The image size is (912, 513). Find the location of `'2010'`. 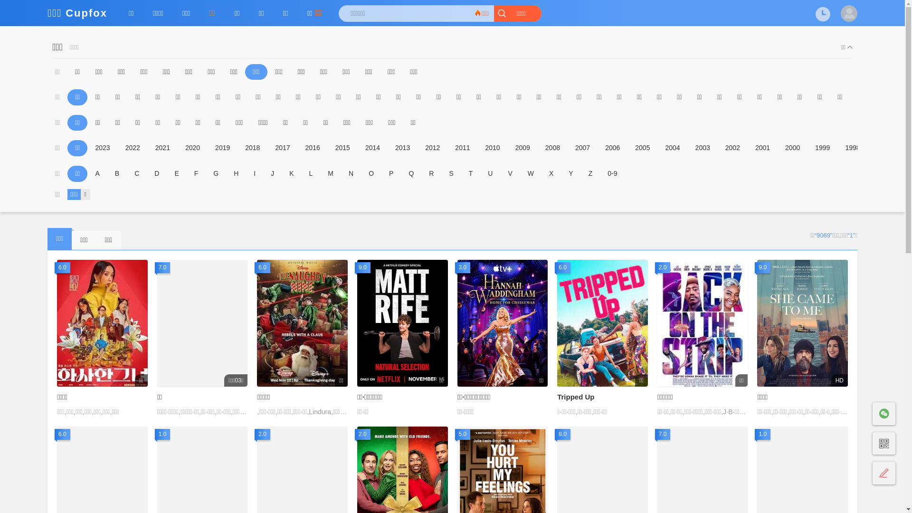

'2010' is located at coordinates (493, 148).